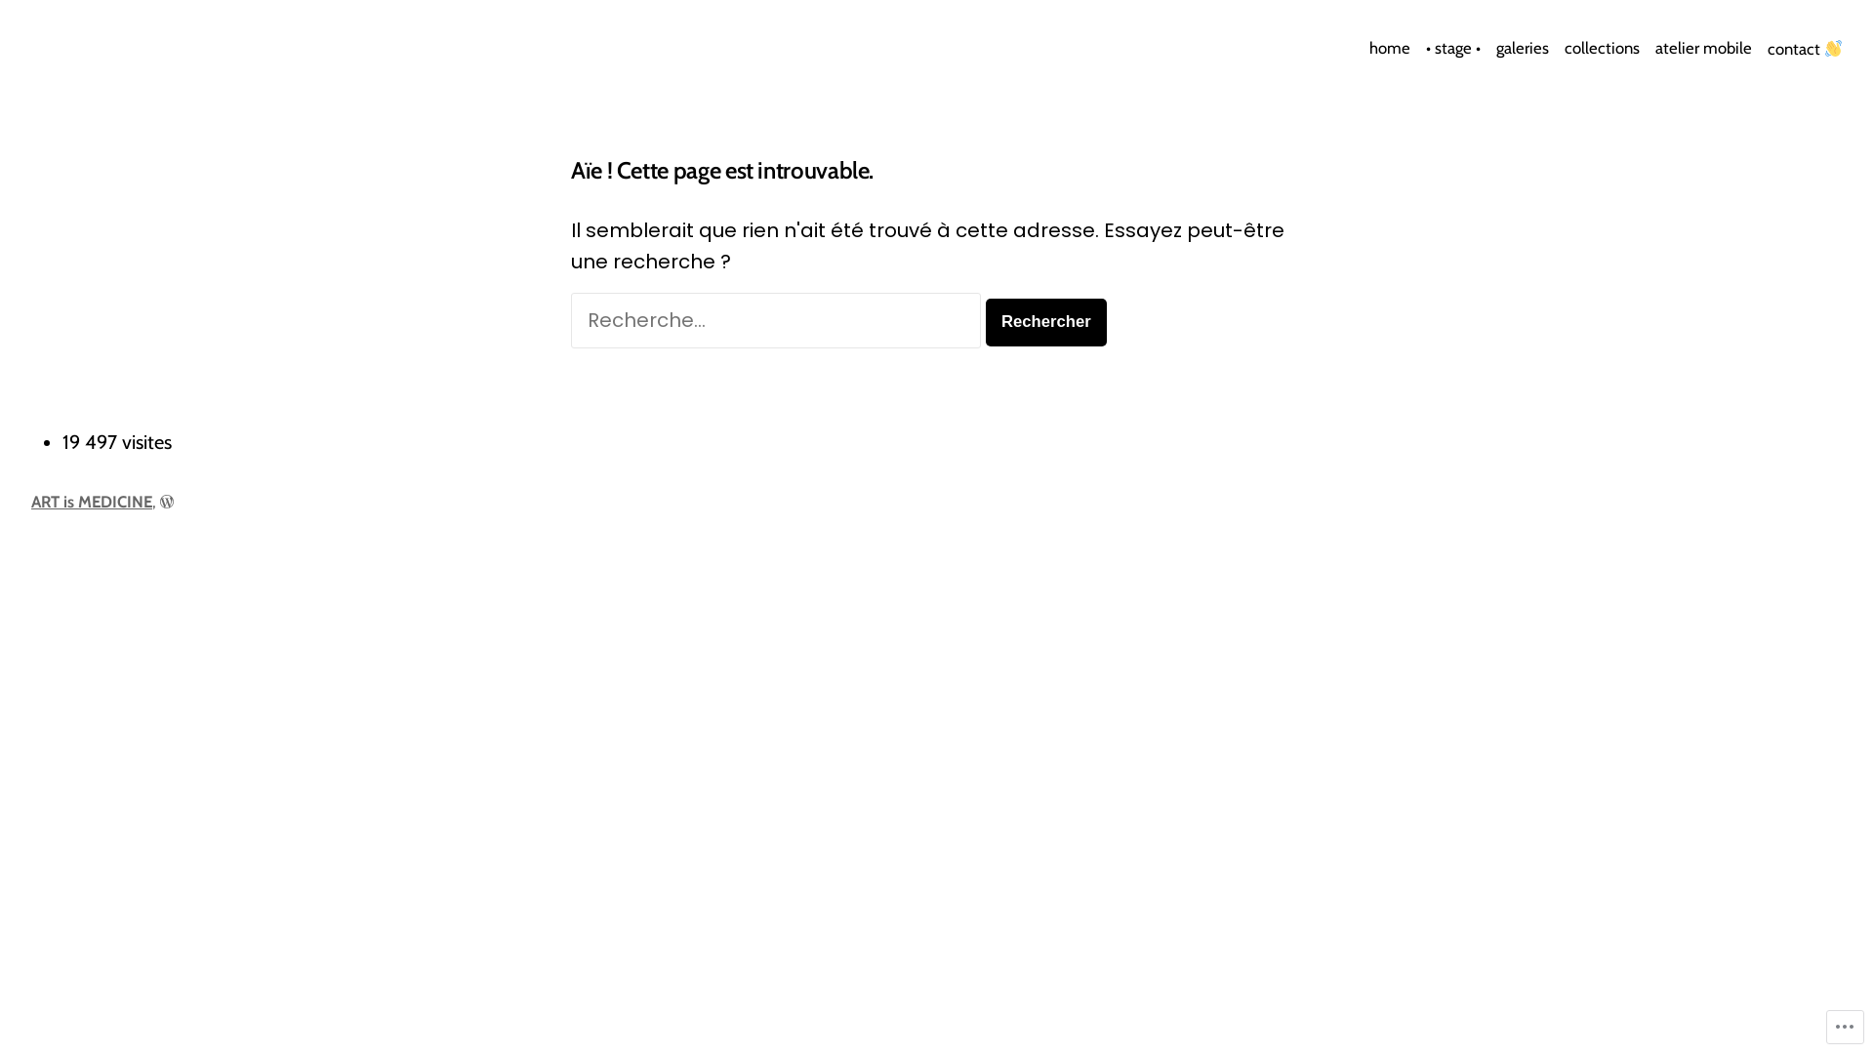 Image resolution: width=1874 pixels, height=1054 pixels. What do you see at coordinates (135, 59) in the screenshot?
I see `'ART is MEDICINE'` at bounding box center [135, 59].